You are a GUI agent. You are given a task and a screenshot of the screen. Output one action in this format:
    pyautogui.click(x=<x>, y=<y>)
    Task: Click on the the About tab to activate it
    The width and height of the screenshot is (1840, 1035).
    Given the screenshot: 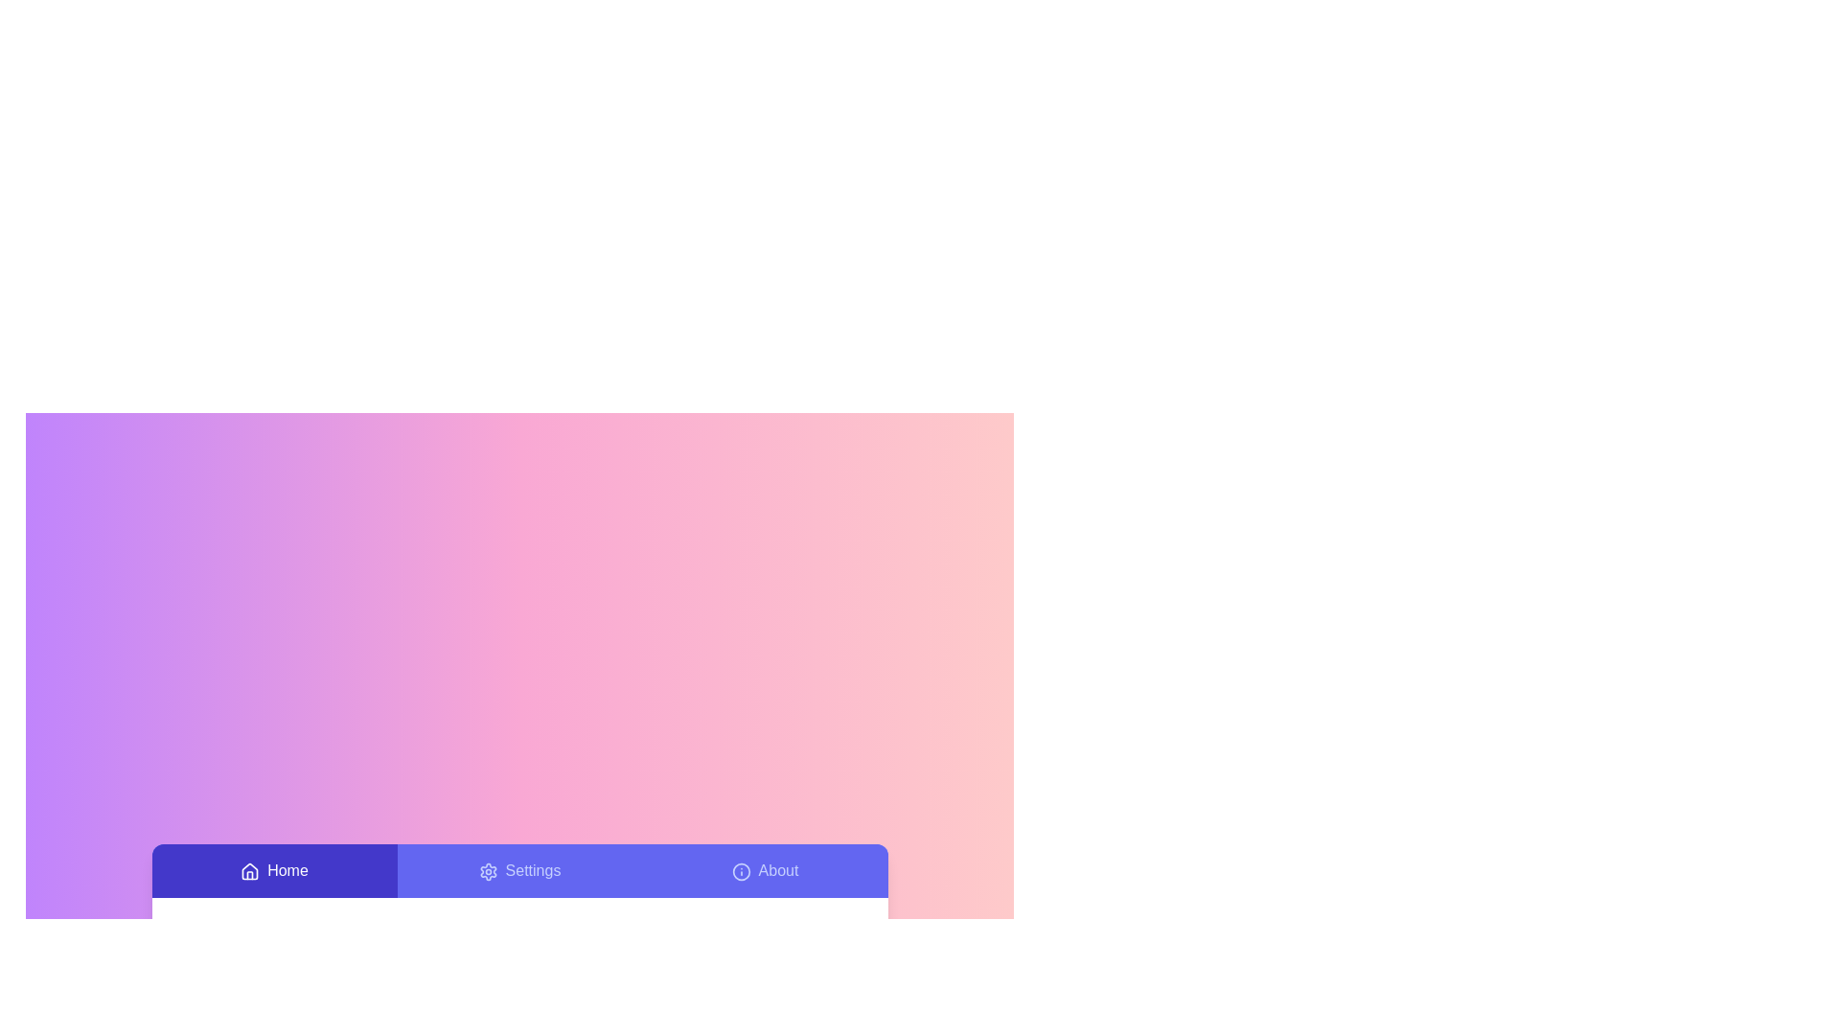 What is the action you would take?
    pyautogui.click(x=764, y=871)
    